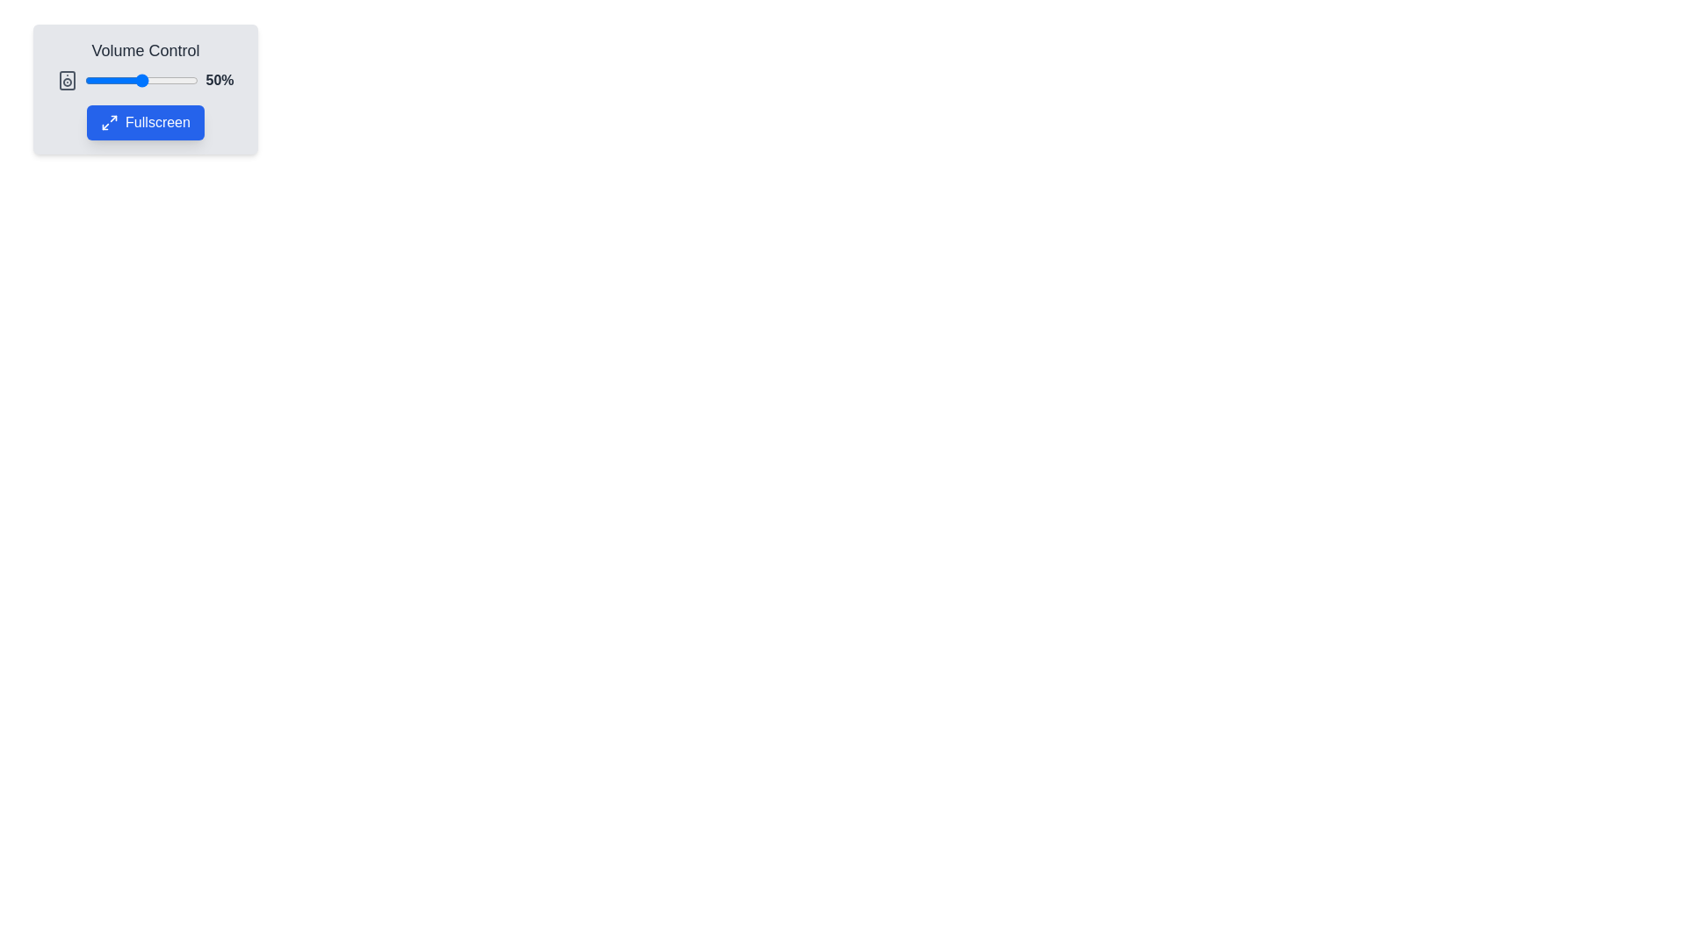  Describe the element at coordinates (148, 81) in the screenshot. I see `the volume to 55% by dragging the slider` at that location.